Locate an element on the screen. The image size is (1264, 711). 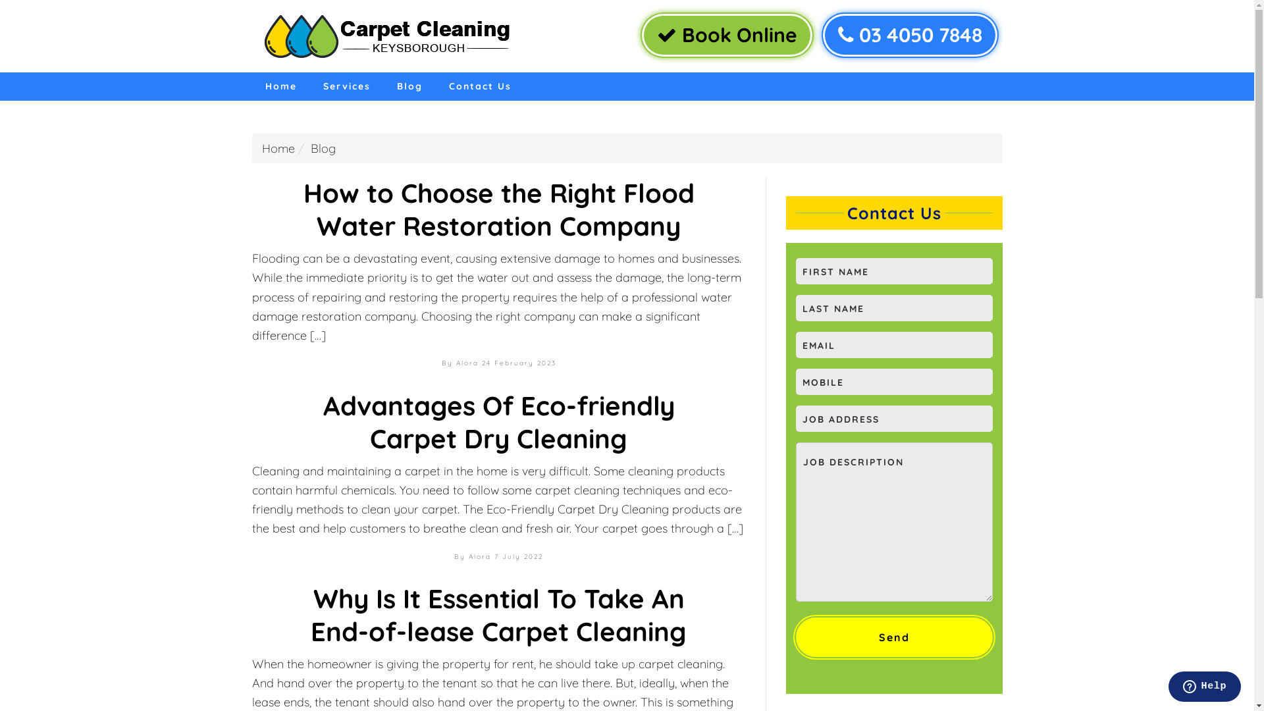
'Send' is located at coordinates (893, 637).